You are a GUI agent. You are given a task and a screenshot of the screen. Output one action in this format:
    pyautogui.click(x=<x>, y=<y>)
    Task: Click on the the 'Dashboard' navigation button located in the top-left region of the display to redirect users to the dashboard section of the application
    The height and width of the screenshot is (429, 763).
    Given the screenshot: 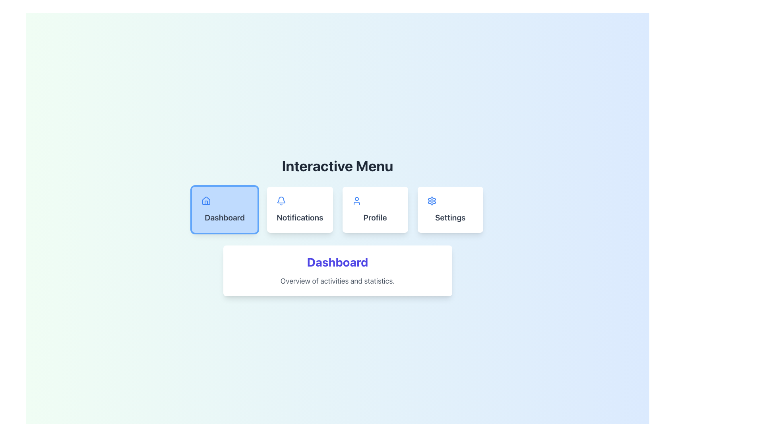 What is the action you would take?
    pyautogui.click(x=224, y=209)
    